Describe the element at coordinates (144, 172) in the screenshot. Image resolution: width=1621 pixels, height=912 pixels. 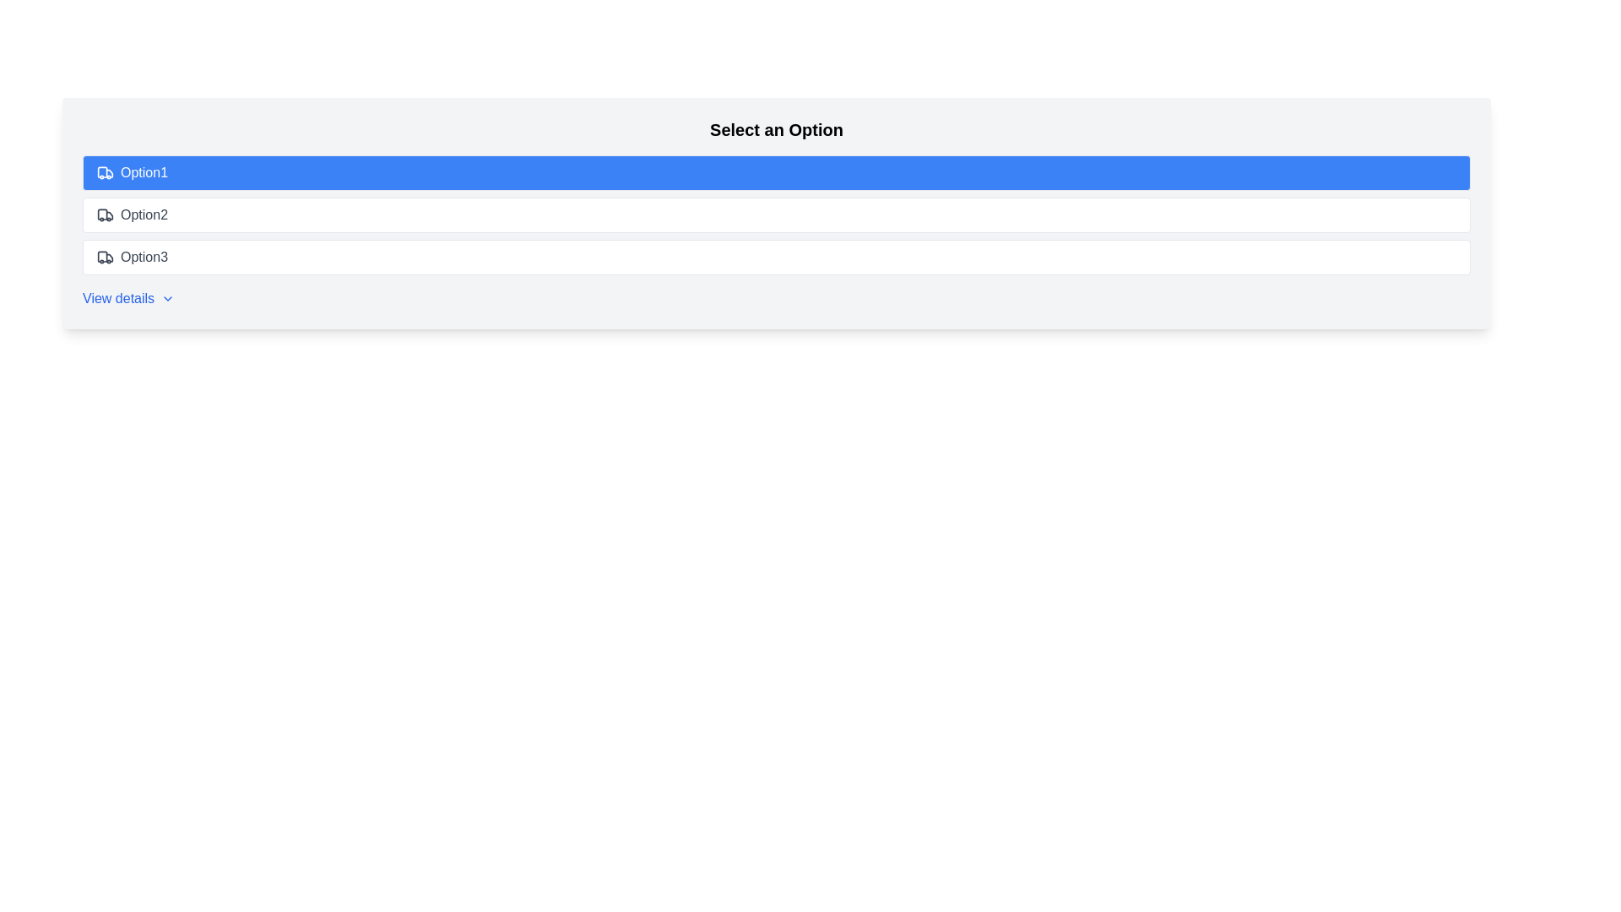
I see `the 'Option1' text label within the active radio button` at that location.